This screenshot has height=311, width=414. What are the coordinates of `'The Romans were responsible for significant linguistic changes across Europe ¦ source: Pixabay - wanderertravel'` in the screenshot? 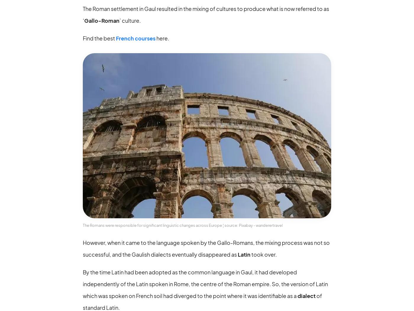 It's located at (182, 224).